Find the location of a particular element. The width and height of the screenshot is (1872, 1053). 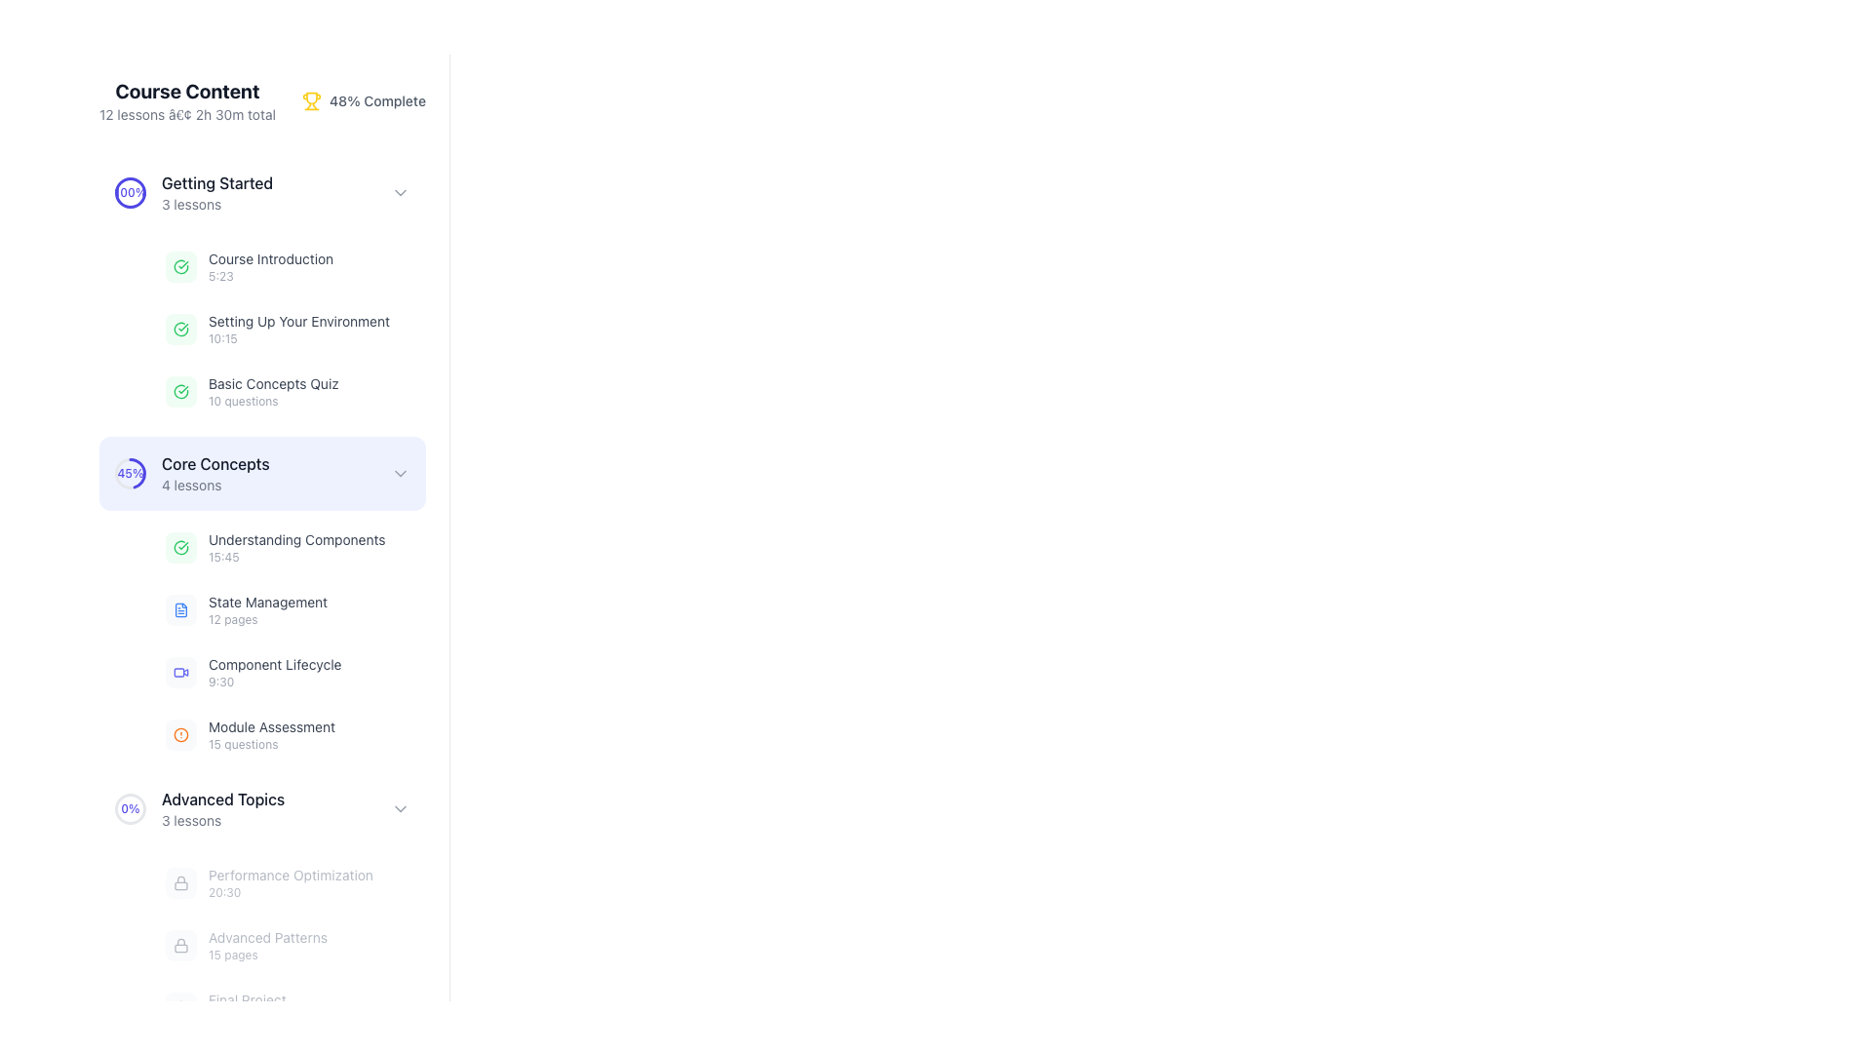

the list entry titled 'Basic Concepts Quiz' with subtitle '10 questions' located is located at coordinates (289, 391).